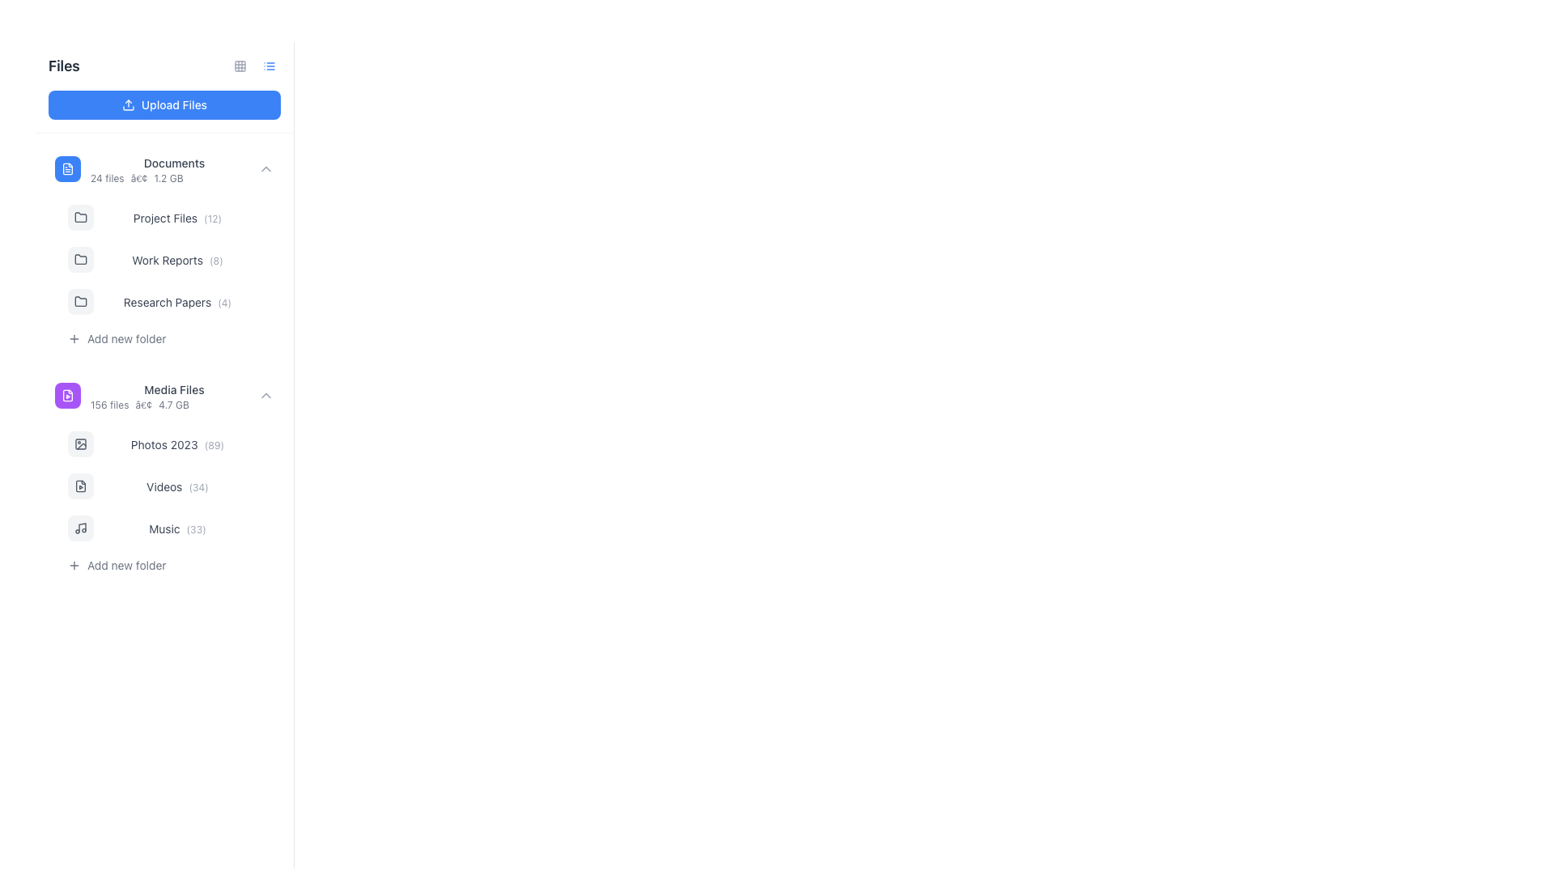 The height and width of the screenshot is (874, 1554). What do you see at coordinates (240, 65) in the screenshot?
I see `the Decorative grid cell located in the first row and first column of the 3x3 grid design, adjacent to the 'Upload Files' button` at bounding box center [240, 65].